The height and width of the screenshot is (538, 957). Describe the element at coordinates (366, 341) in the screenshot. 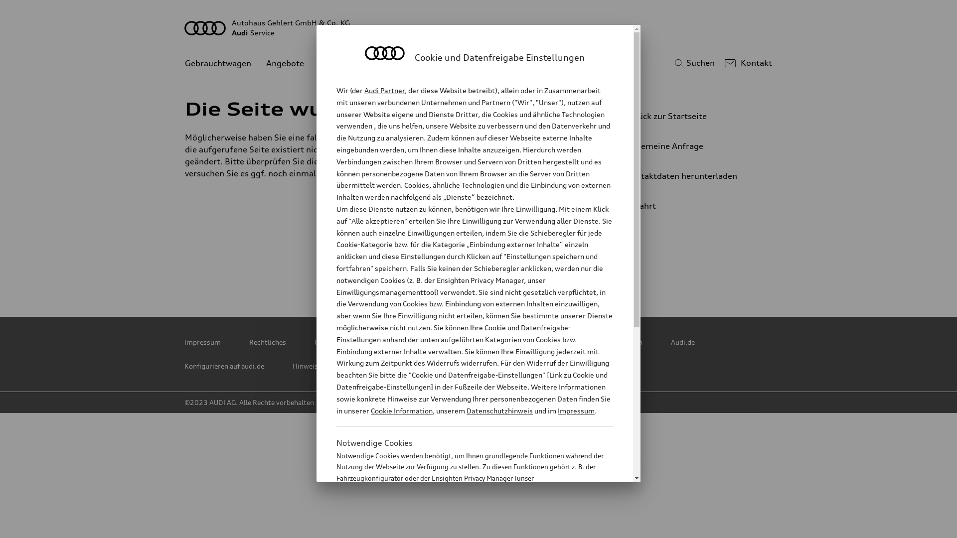

I see `'Copyright & Haftungsausschluss'` at that location.